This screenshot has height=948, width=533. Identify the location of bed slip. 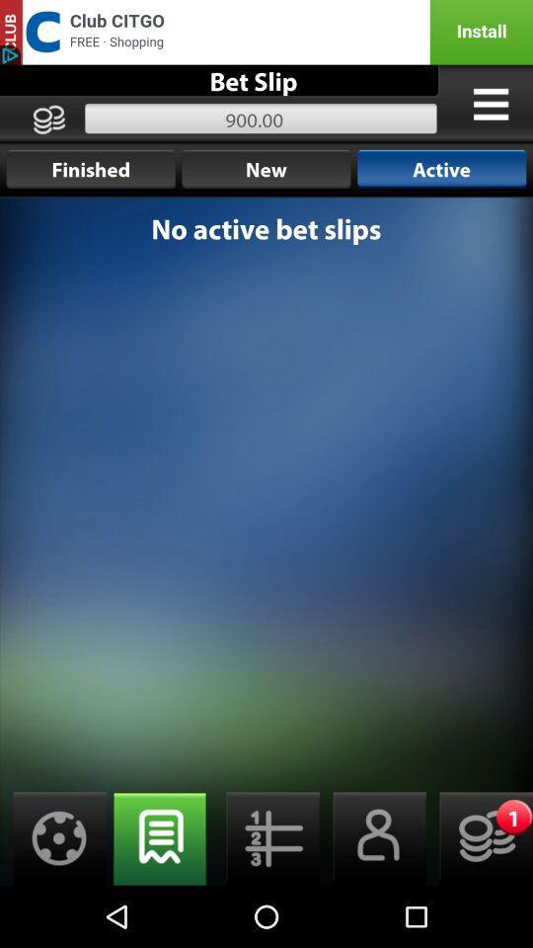
(373, 837).